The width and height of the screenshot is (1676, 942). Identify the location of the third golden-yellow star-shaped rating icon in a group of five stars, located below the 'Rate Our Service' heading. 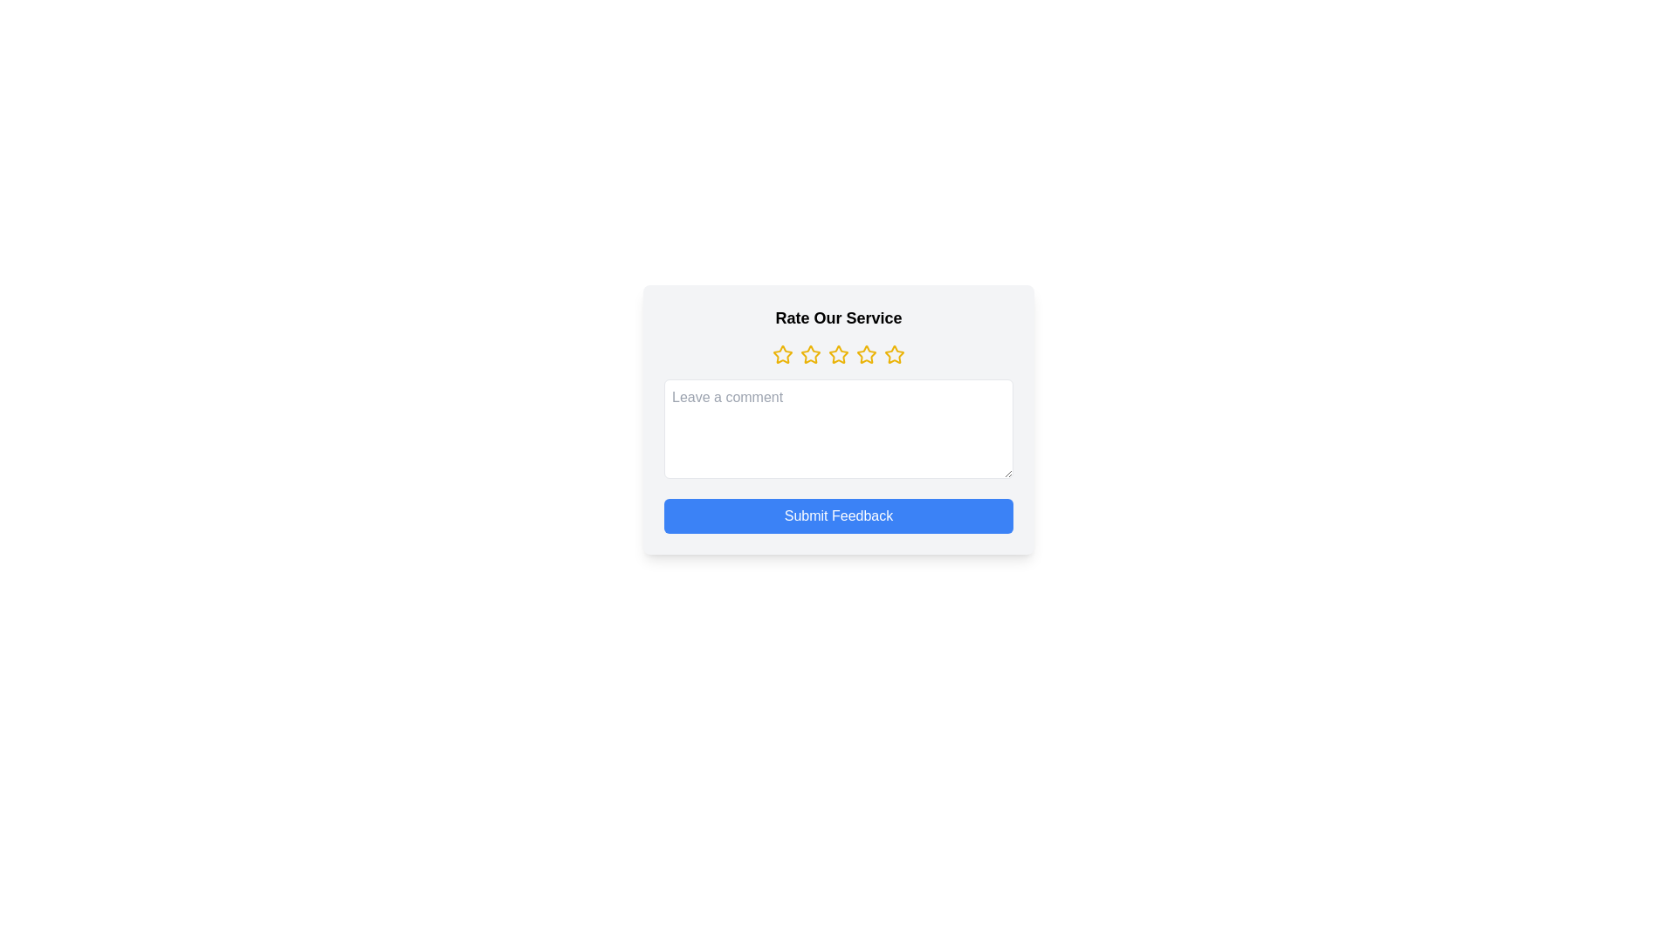
(810, 353).